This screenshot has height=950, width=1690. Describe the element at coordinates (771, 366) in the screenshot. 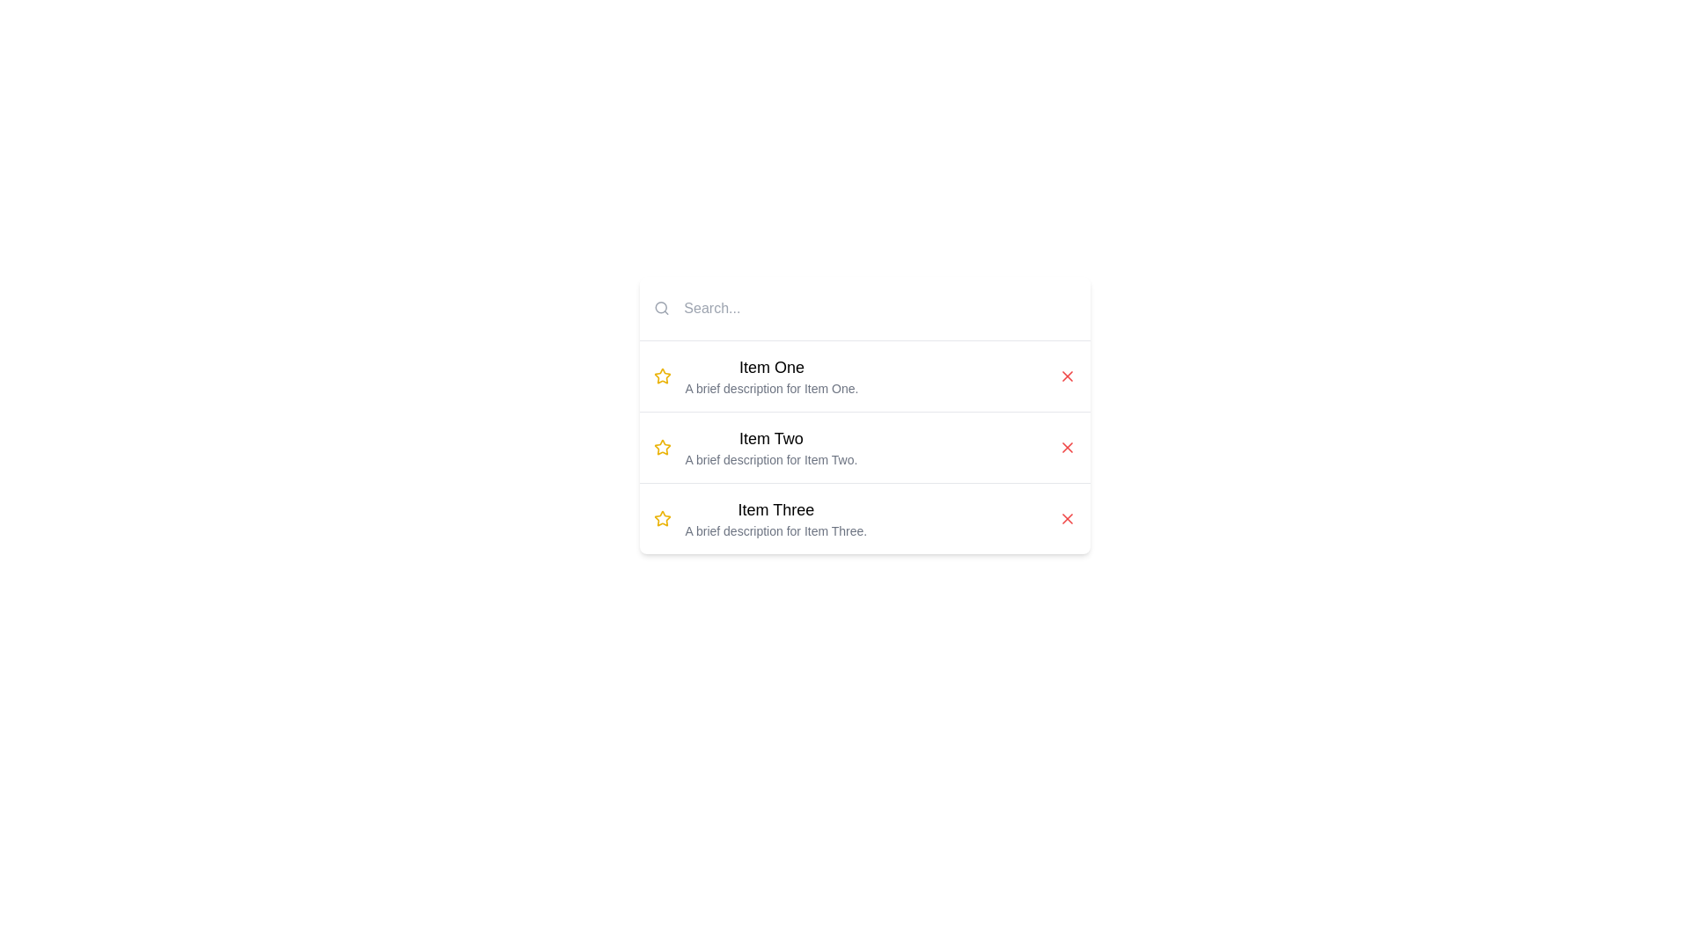

I see `the Text Label that displays the title of the first item in the list, which is positioned above the description for Item One` at that location.